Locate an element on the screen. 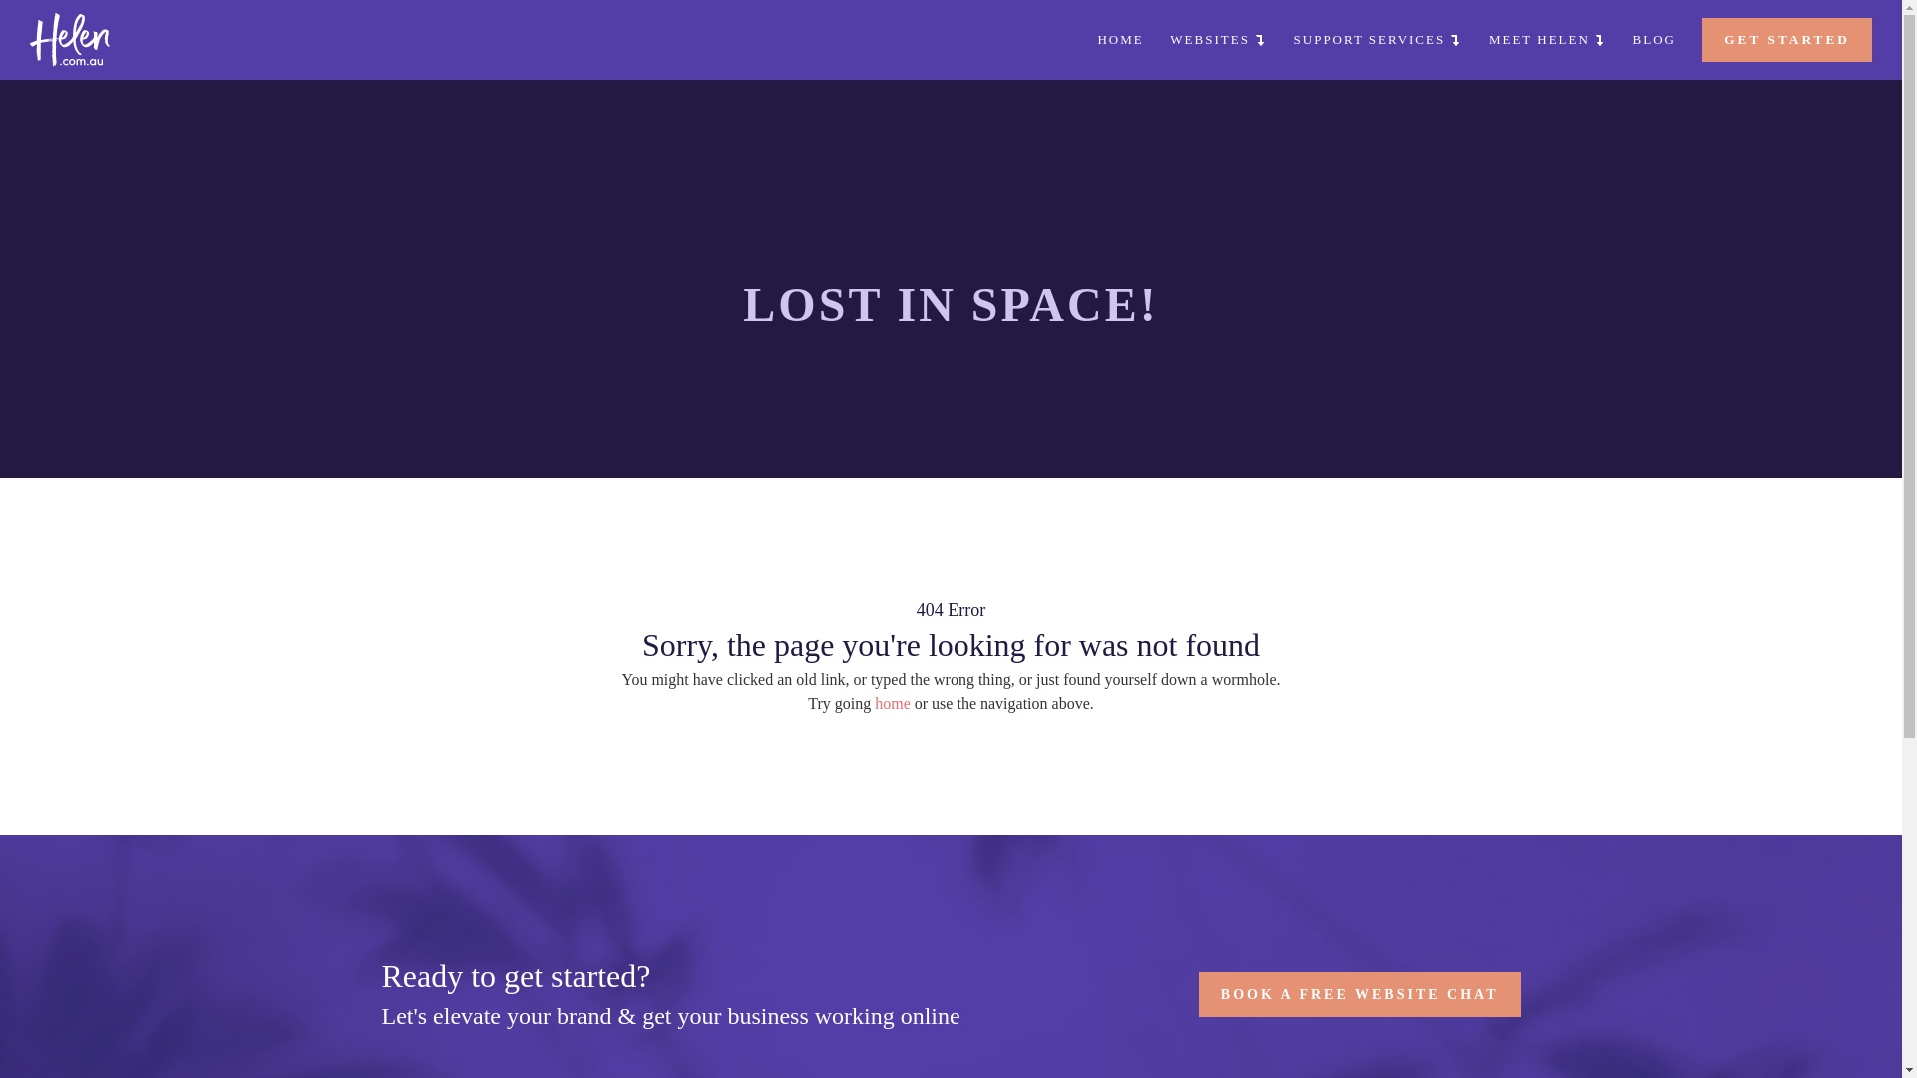  'MEET HELEN' is located at coordinates (1556, 39).